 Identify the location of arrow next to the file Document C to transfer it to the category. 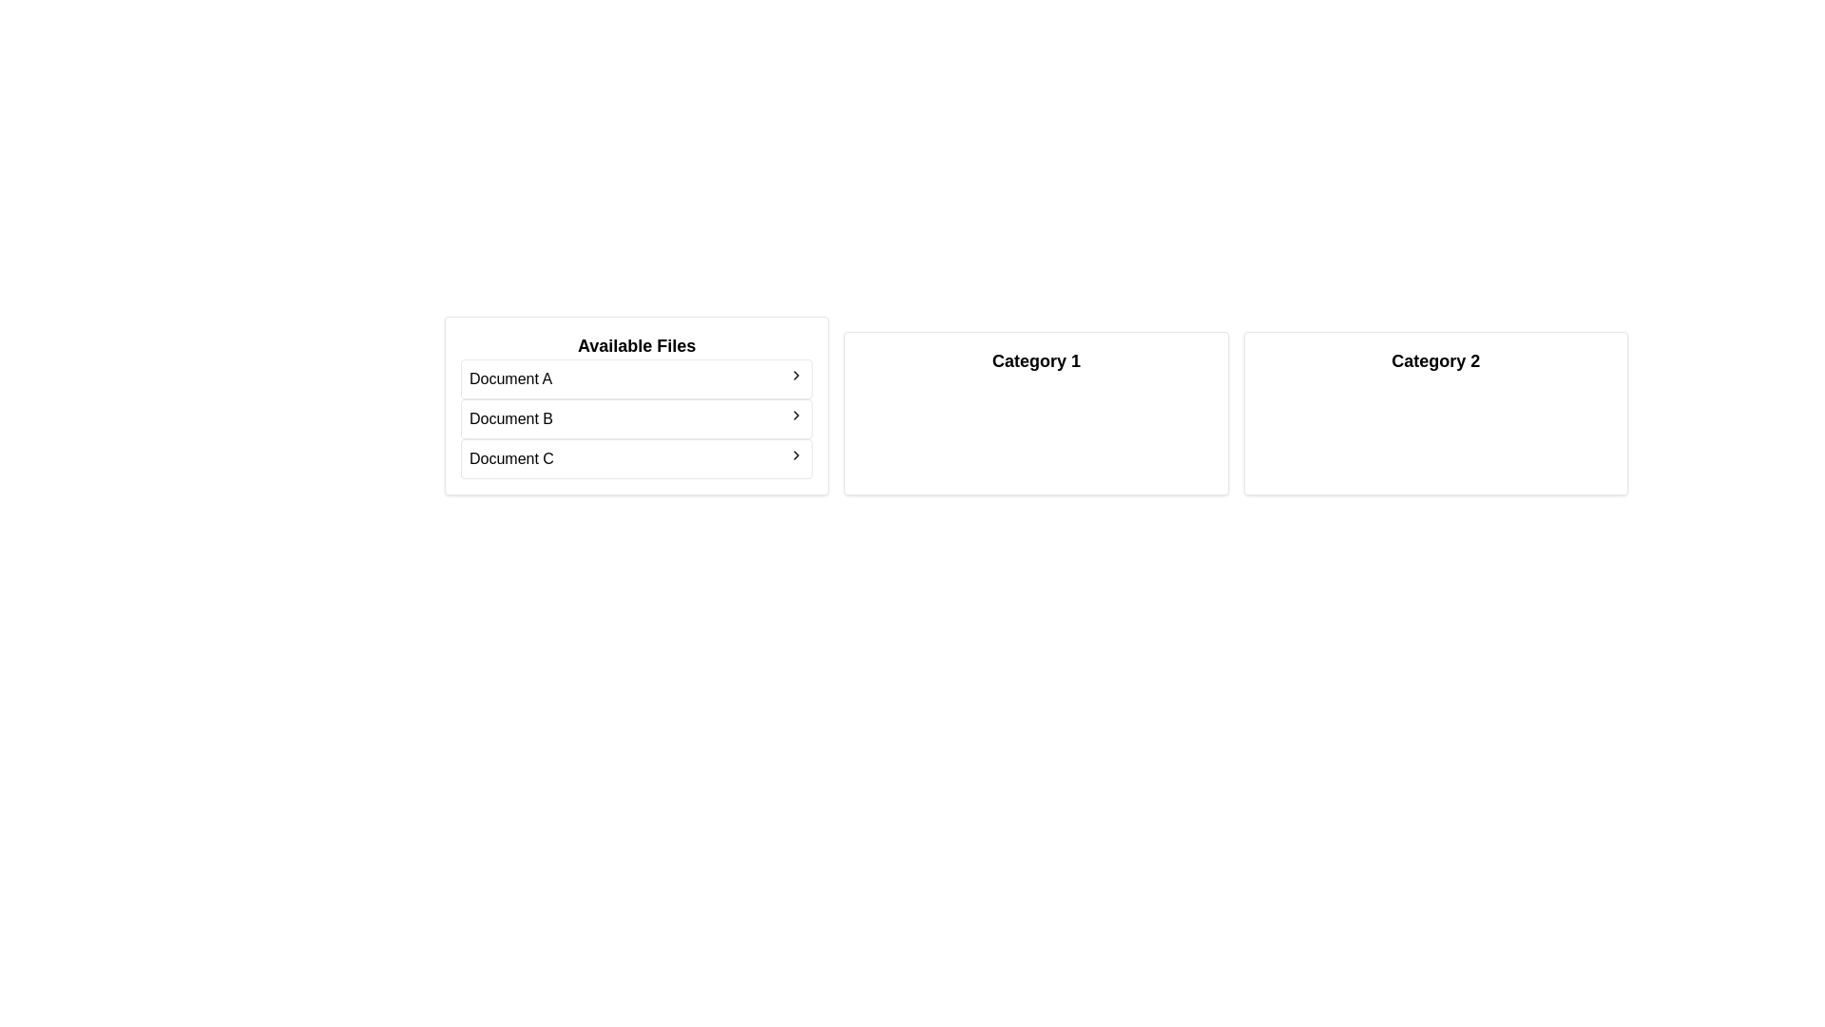
(797, 455).